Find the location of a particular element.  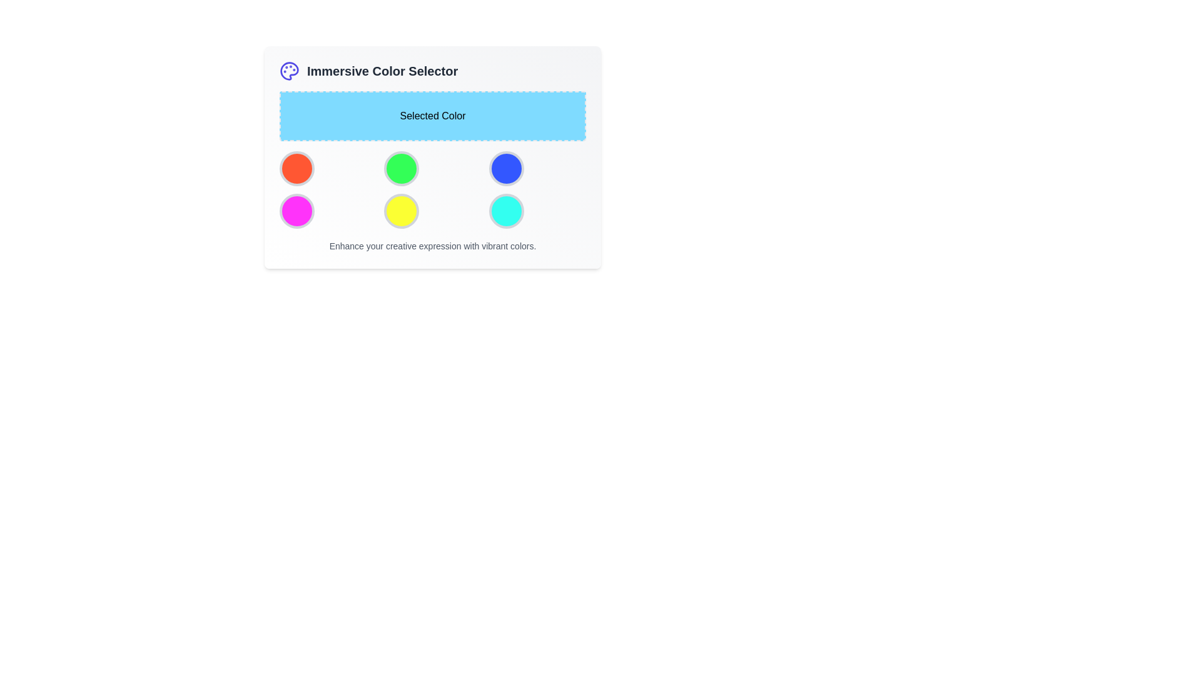

the circular color selection button located at the top-left corner of the 3x2 grid layout is located at coordinates (296, 169).